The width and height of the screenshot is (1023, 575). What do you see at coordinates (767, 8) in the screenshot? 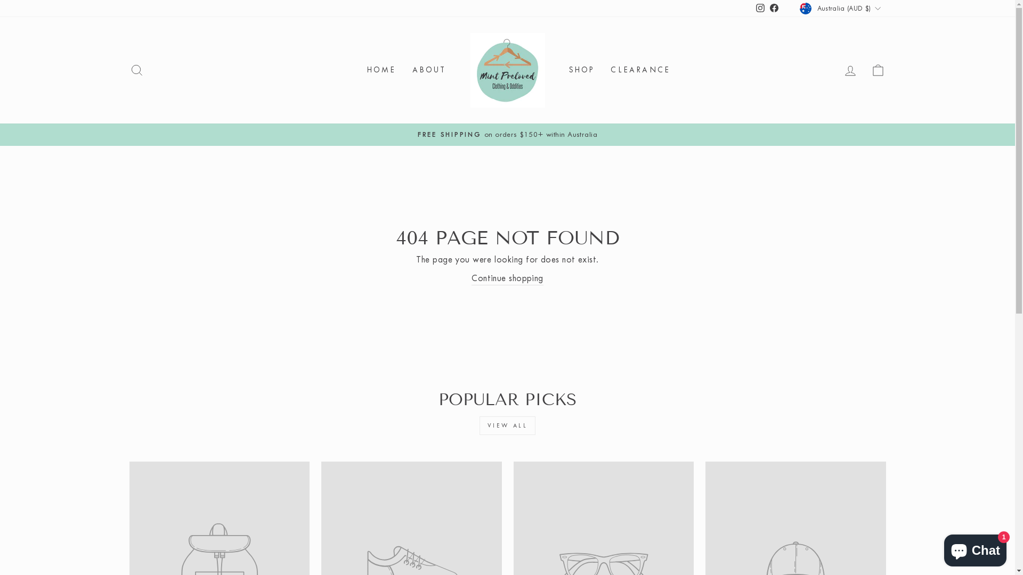
I see `'Facebook'` at bounding box center [767, 8].